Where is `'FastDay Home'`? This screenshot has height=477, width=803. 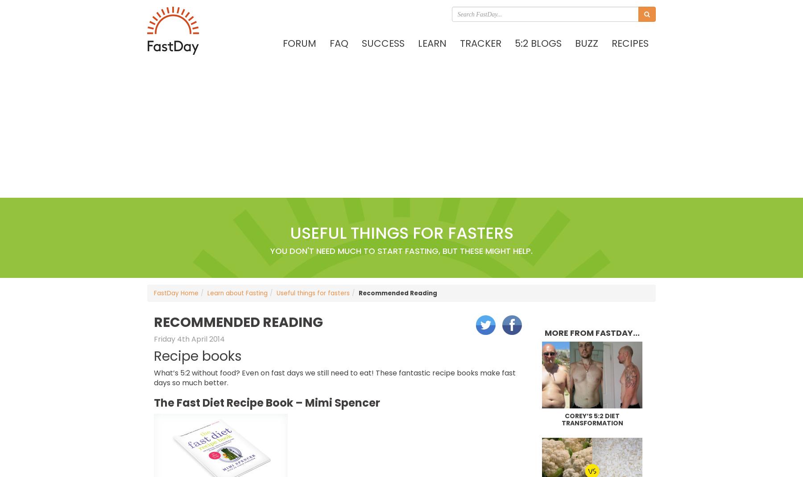
'FastDay Home' is located at coordinates (176, 292).